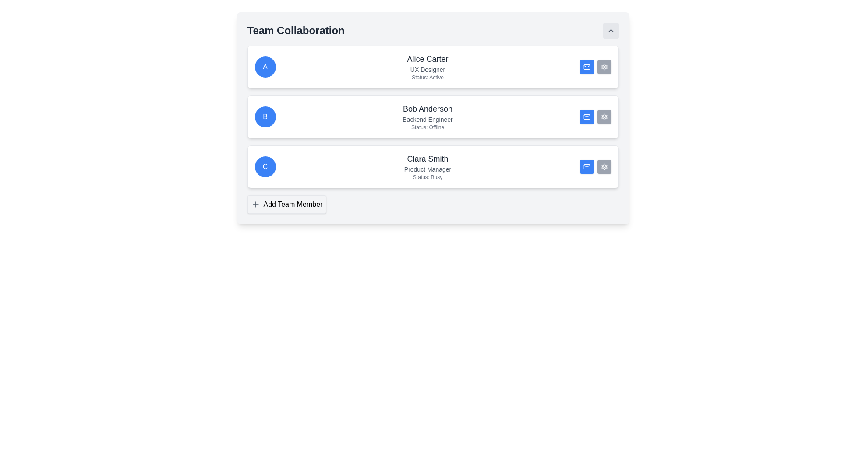 Image resolution: width=841 pixels, height=473 pixels. Describe the element at coordinates (595, 167) in the screenshot. I see `the gray button in the button group for Clara Smith that opens settings or preferences` at that location.